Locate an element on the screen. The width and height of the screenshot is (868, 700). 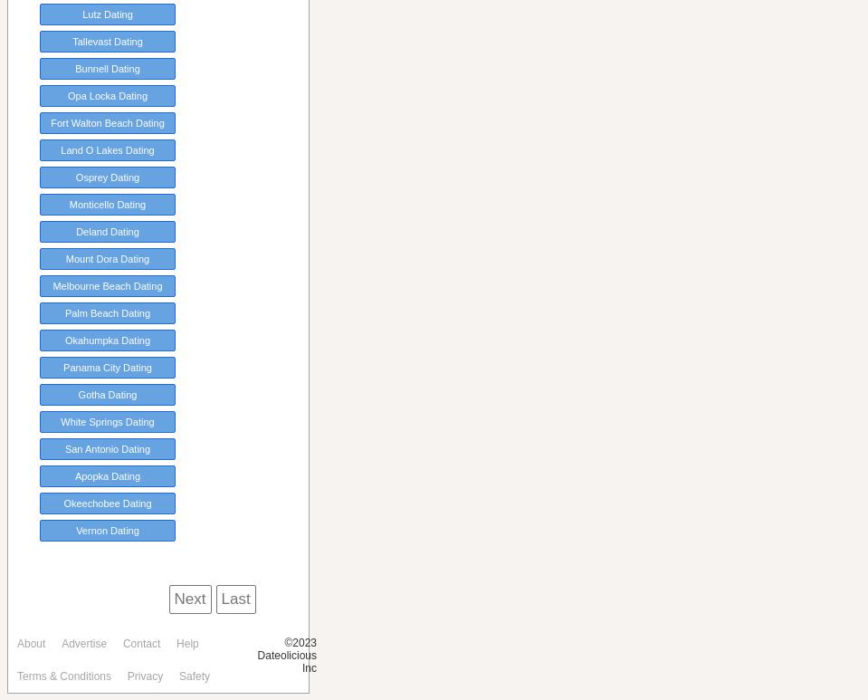
'Next' is located at coordinates (172, 599).